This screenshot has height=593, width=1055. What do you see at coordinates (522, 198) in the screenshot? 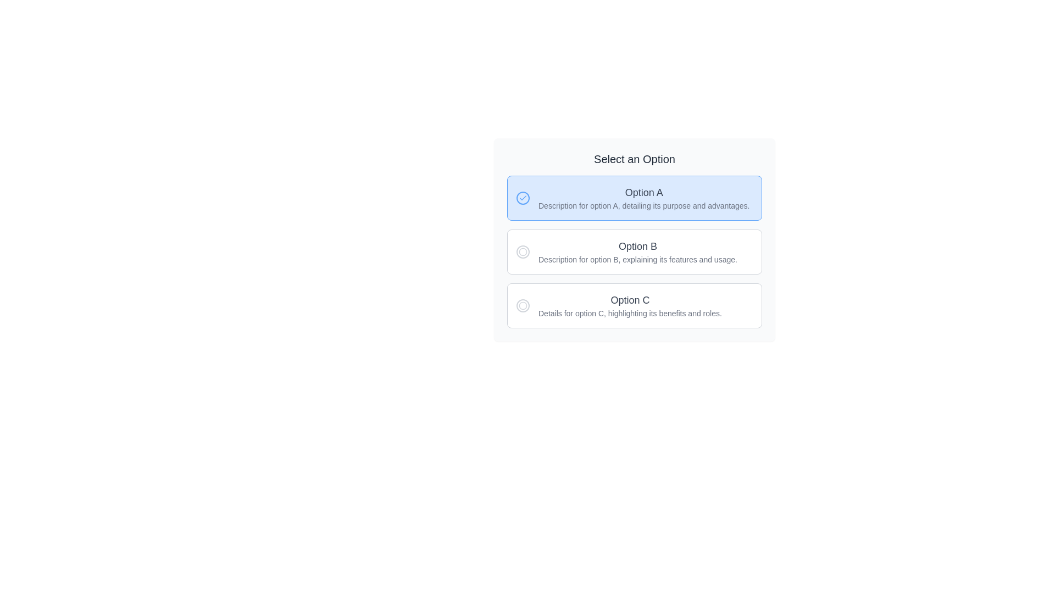
I see `the Selection indicator located at the top-left corner of the 'Option A' section, which is highlighted with a blue background` at bounding box center [522, 198].